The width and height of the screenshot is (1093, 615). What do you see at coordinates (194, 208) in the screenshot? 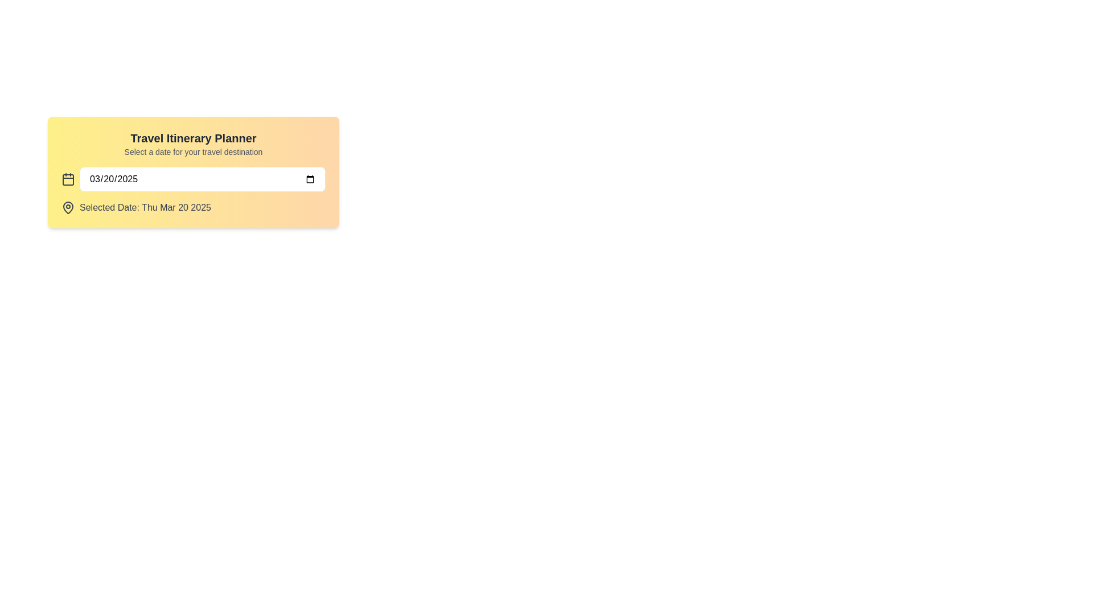
I see `the text label that reads 'Selected Date: Thu Mar 20 2025' with an adjoining map pin icon, located beneath an input field in a card layout` at bounding box center [194, 208].